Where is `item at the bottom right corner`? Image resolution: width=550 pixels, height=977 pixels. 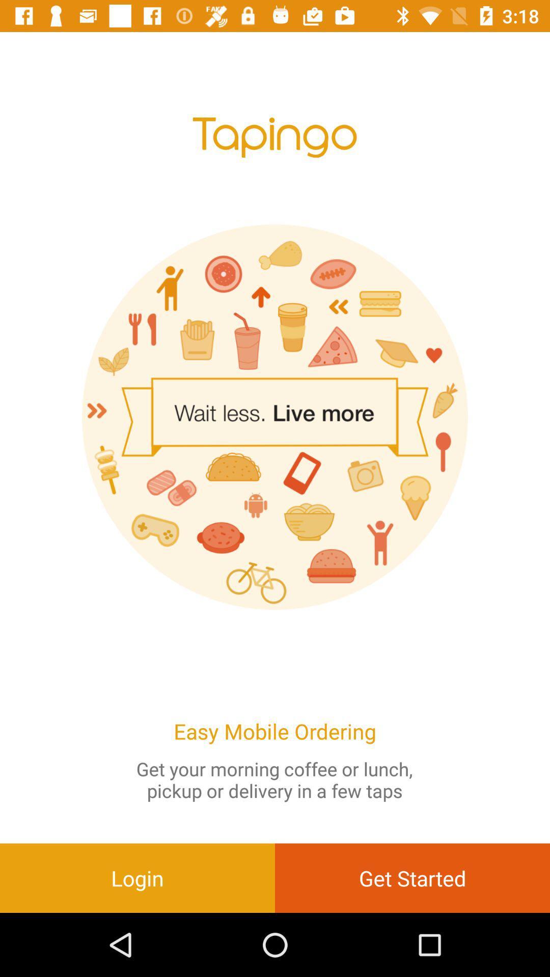
item at the bottom right corner is located at coordinates (413, 877).